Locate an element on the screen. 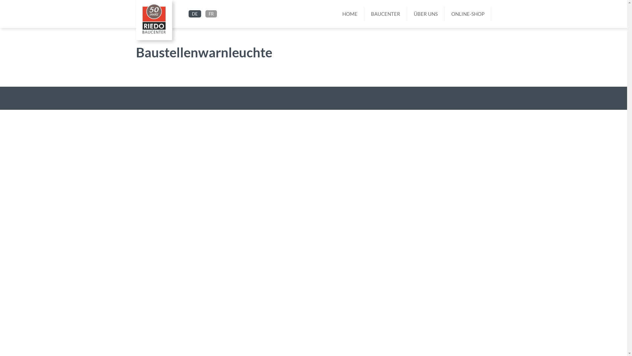  'HOME' is located at coordinates (335, 14).